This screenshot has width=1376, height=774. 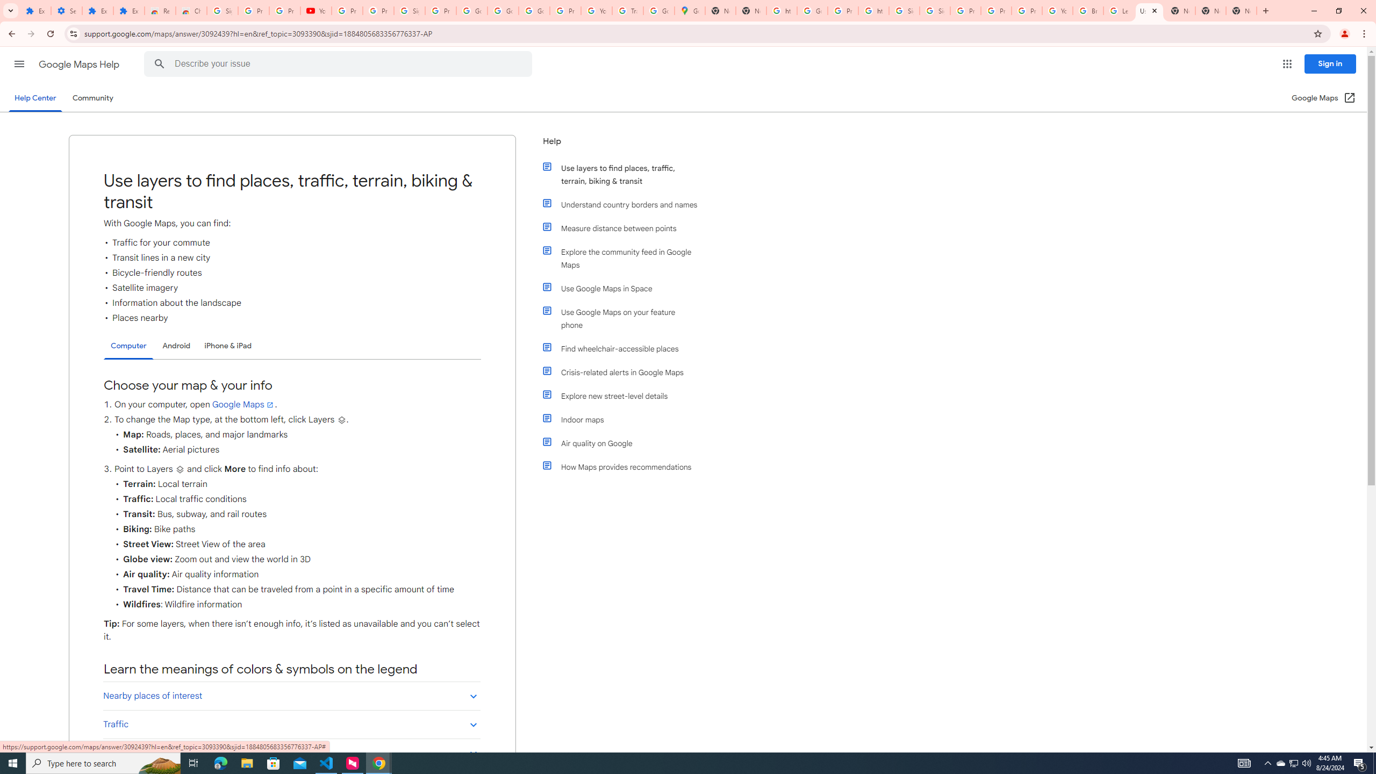 What do you see at coordinates (129, 10) in the screenshot?
I see `'Extensions'` at bounding box center [129, 10].